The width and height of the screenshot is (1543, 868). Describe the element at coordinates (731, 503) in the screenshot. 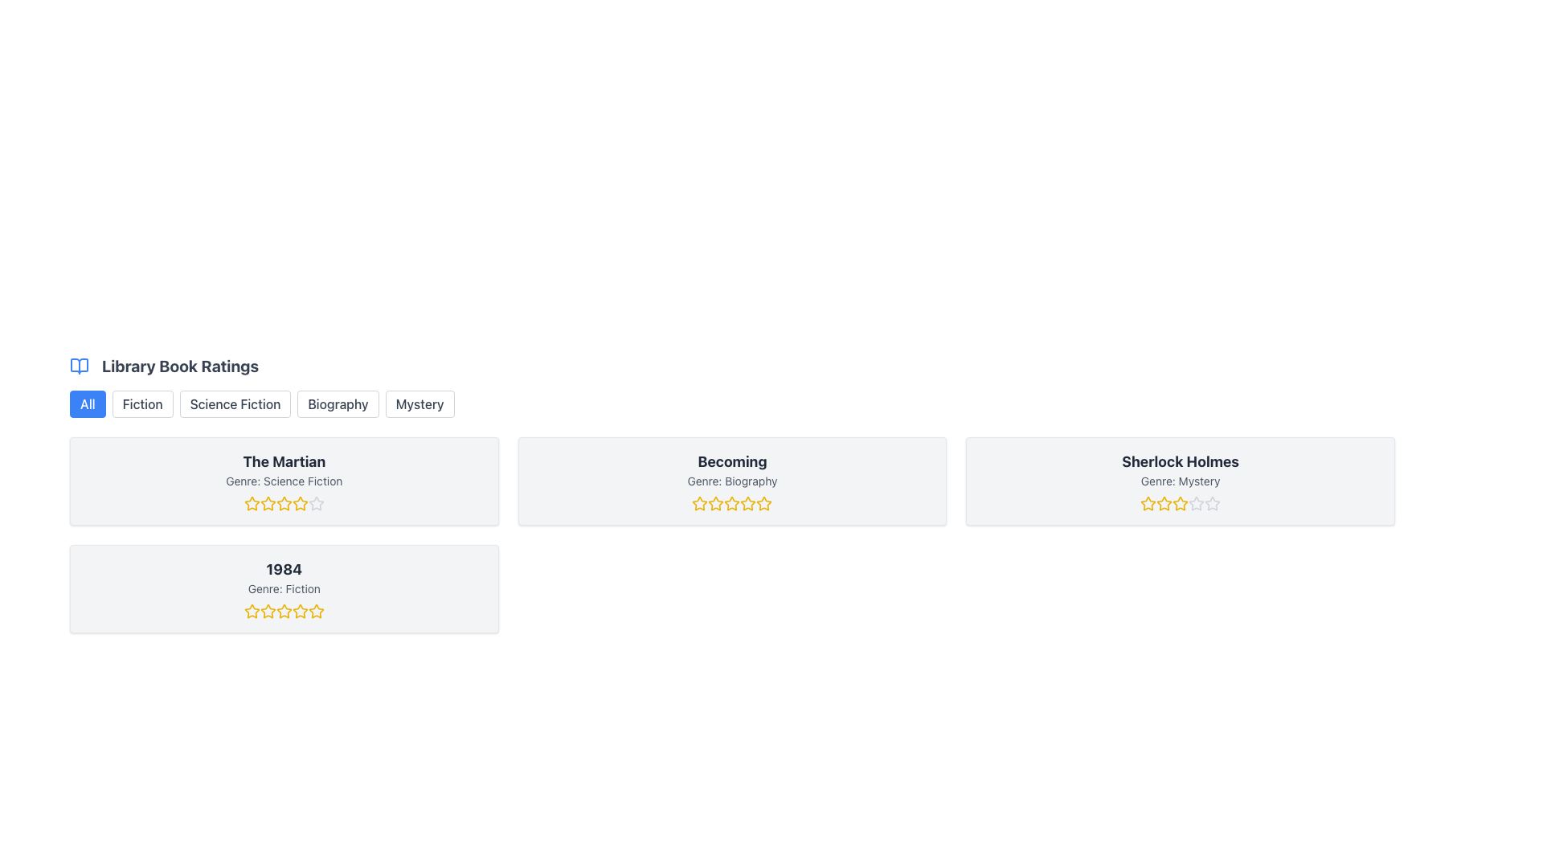

I see `the third yellow star in the Rating Stars element to rate the book 'Becoming' in the Biography genre` at that location.